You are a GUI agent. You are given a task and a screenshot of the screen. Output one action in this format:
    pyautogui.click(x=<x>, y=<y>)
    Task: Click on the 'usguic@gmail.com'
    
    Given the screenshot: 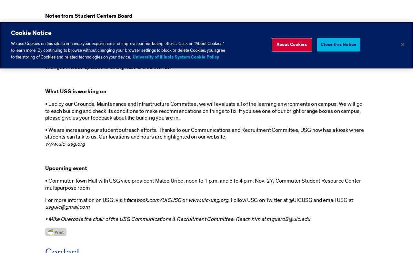 What is the action you would take?
    pyautogui.click(x=67, y=206)
    